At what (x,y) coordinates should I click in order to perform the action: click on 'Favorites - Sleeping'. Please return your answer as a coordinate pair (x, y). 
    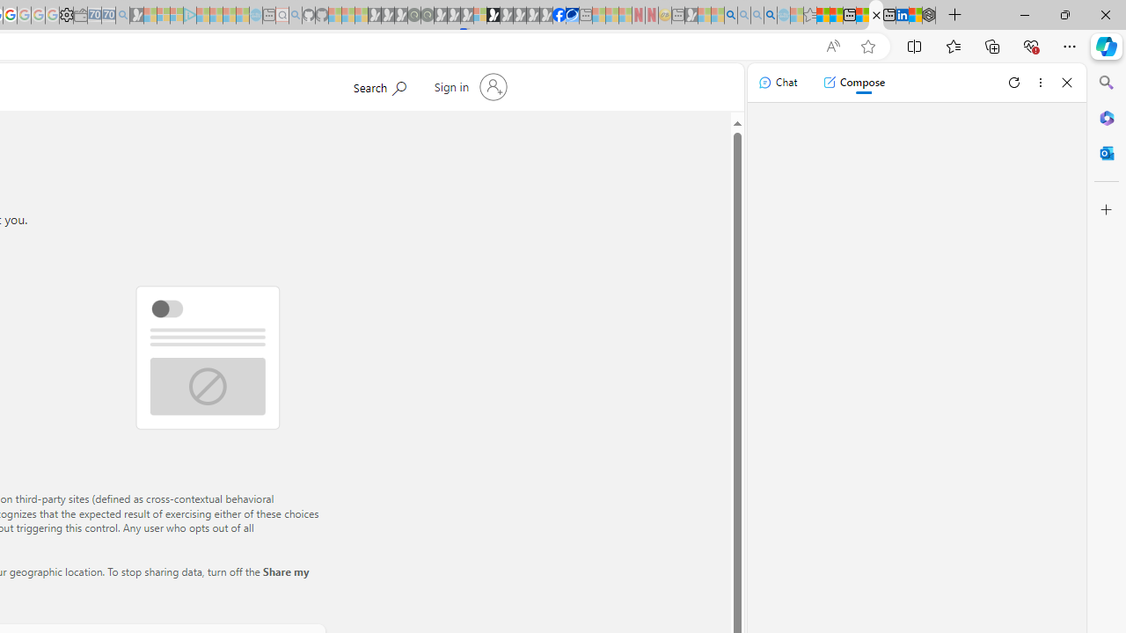
    Looking at the image, I should click on (808, 15).